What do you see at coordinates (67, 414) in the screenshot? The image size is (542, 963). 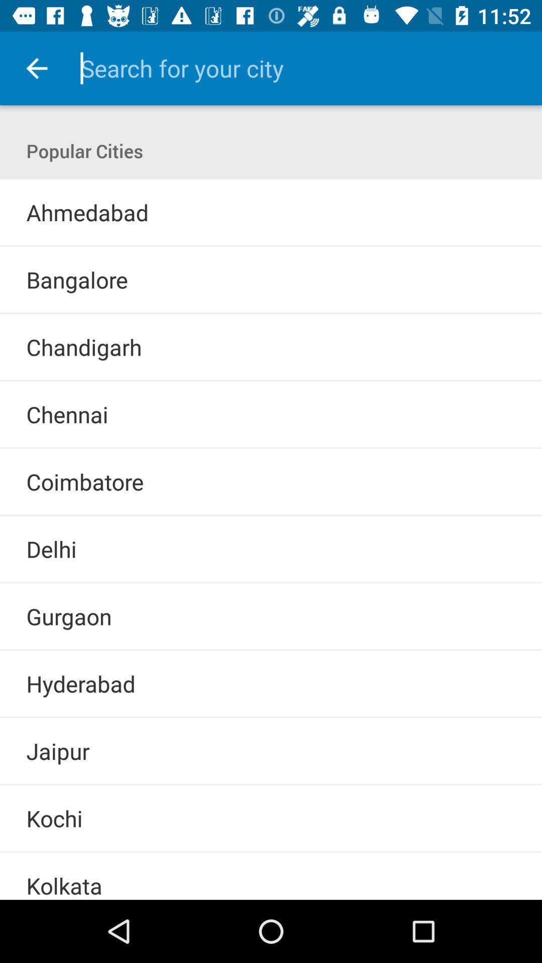 I see `chennai icon` at bounding box center [67, 414].